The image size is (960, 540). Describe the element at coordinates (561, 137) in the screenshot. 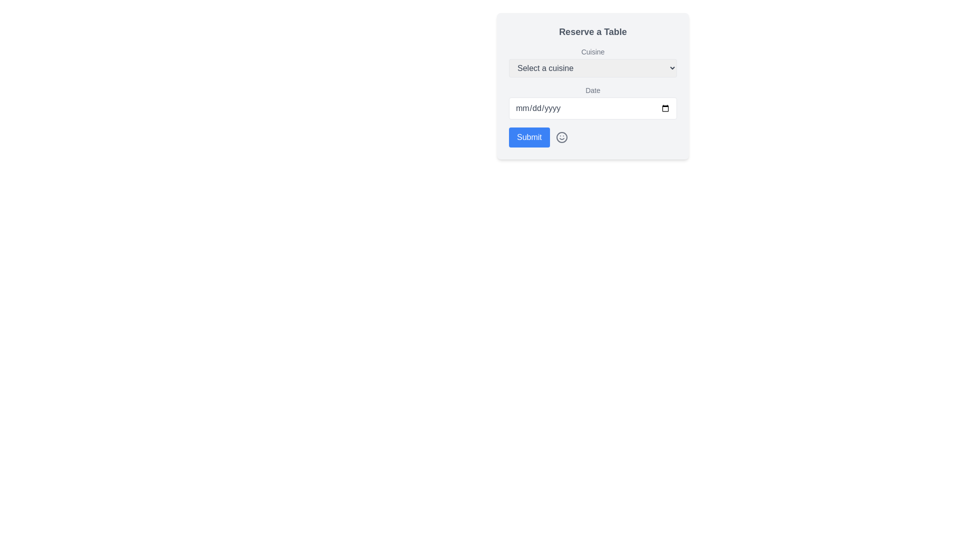

I see `the status icon located to the right of the blue 'Submit' button within the modal form` at that location.